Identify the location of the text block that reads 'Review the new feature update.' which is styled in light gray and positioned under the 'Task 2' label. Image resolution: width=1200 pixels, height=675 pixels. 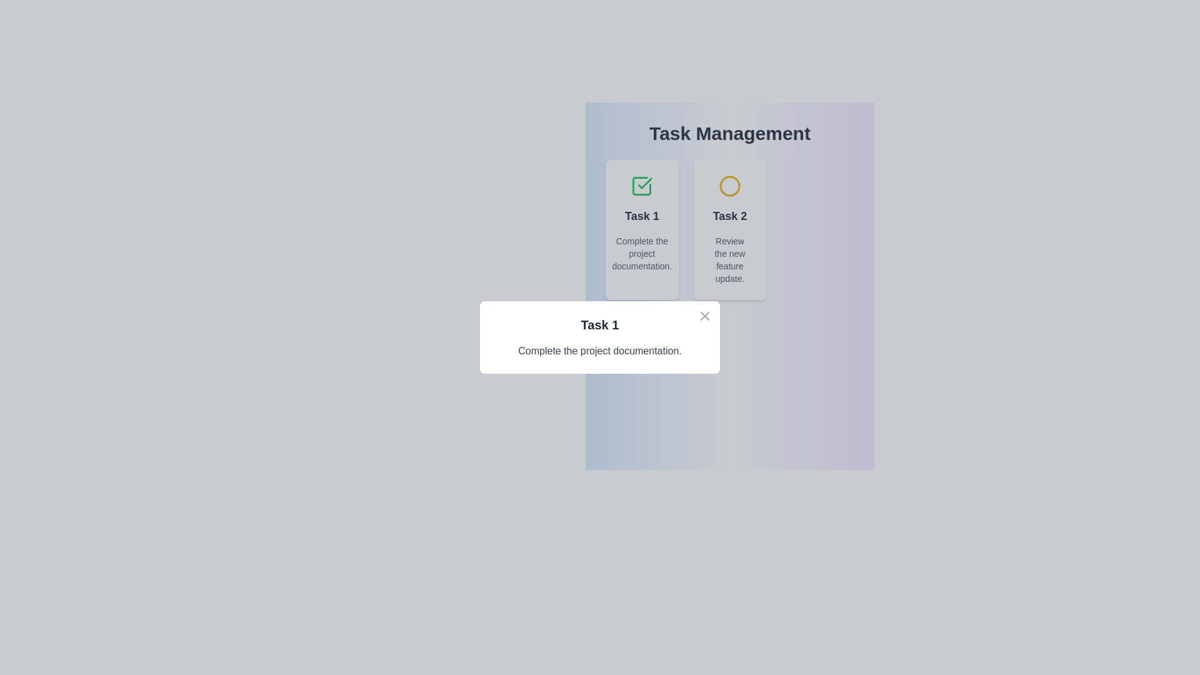
(729, 259).